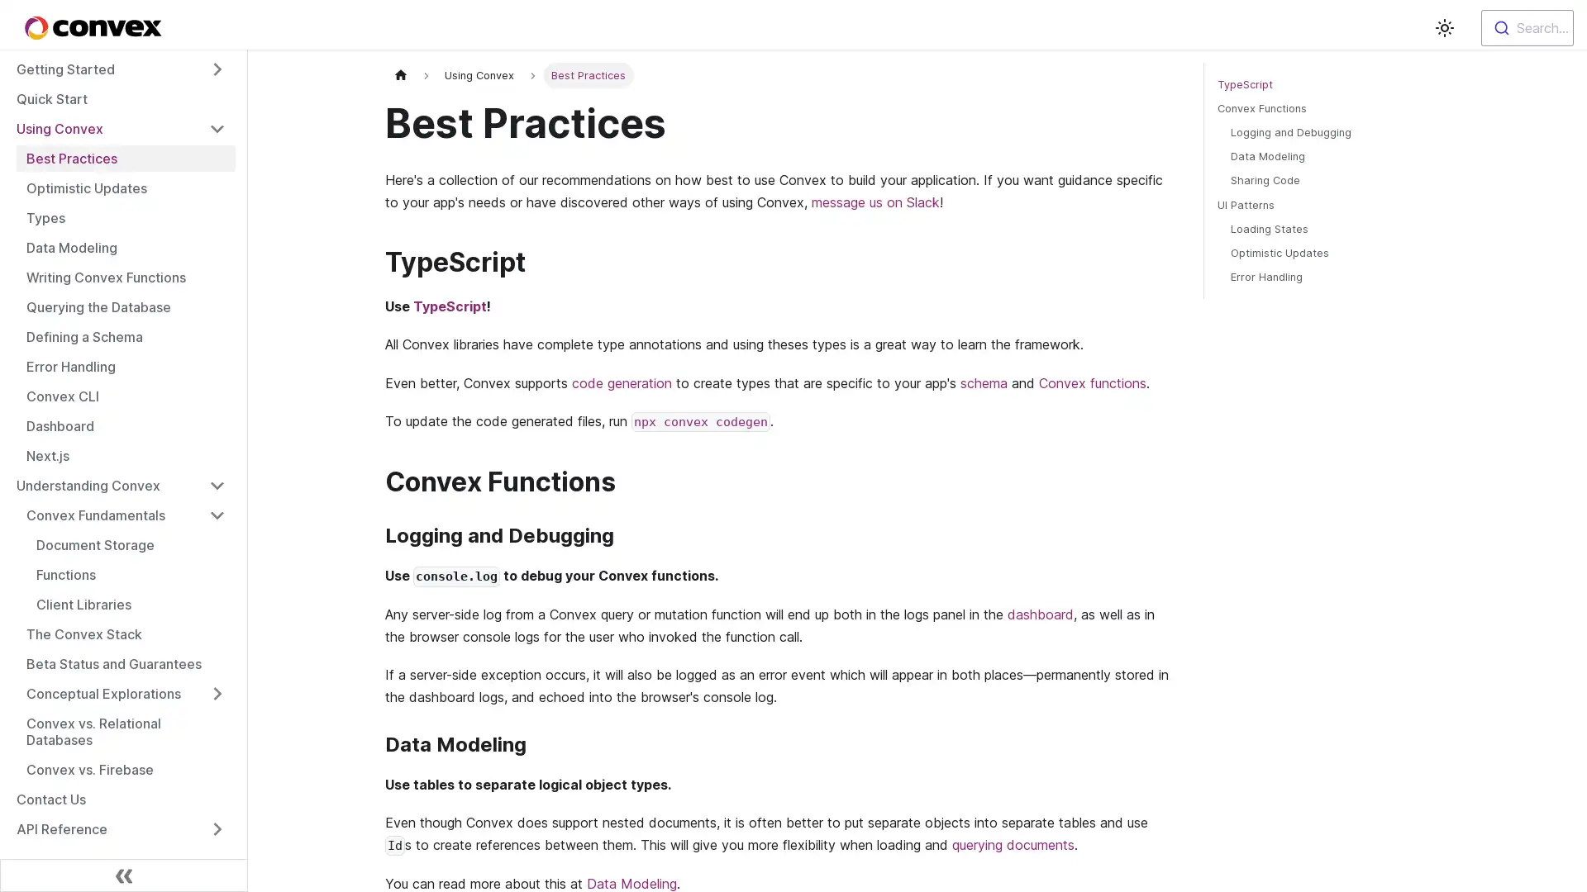 The image size is (1587, 892). What do you see at coordinates (217, 69) in the screenshot?
I see `Toggle the collapsible sidebar category 'Getting Started'` at bounding box center [217, 69].